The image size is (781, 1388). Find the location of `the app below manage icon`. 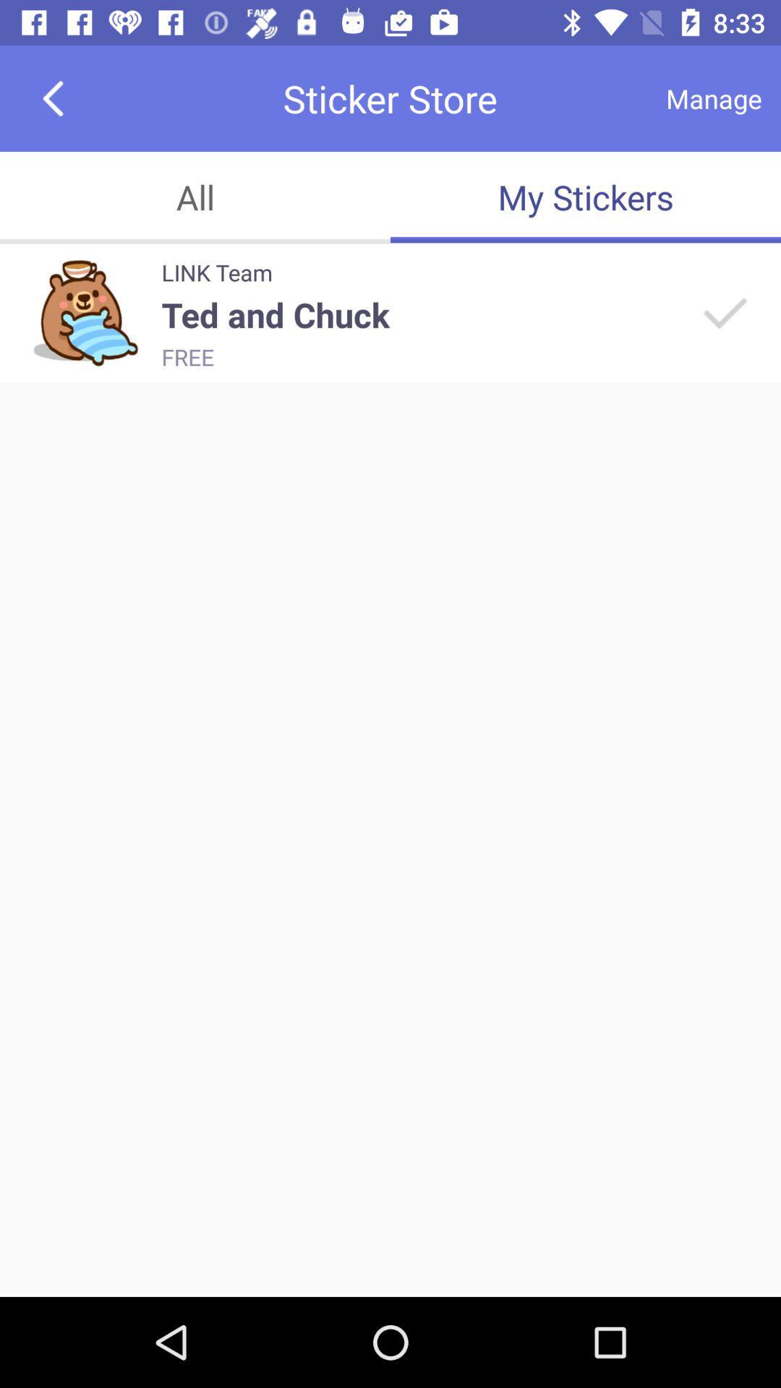

the app below manage icon is located at coordinates (586, 197).